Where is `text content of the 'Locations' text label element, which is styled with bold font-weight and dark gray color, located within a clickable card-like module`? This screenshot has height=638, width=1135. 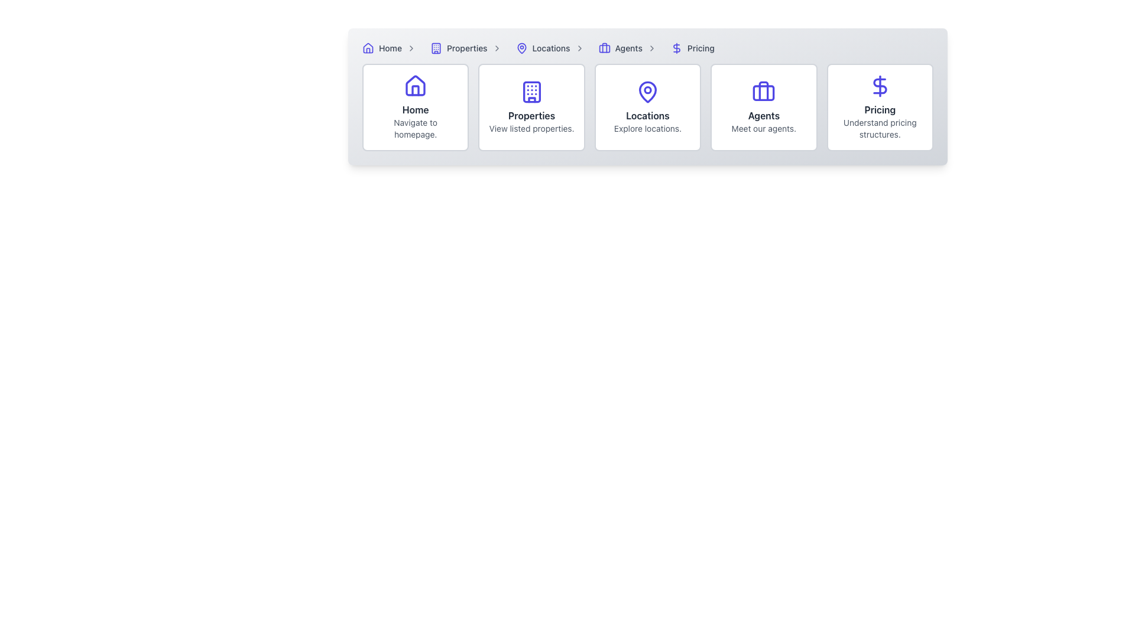 text content of the 'Locations' text label element, which is styled with bold font-weight and dark gray color, located within a clickable card-like module is located at coordinates (647, 116).